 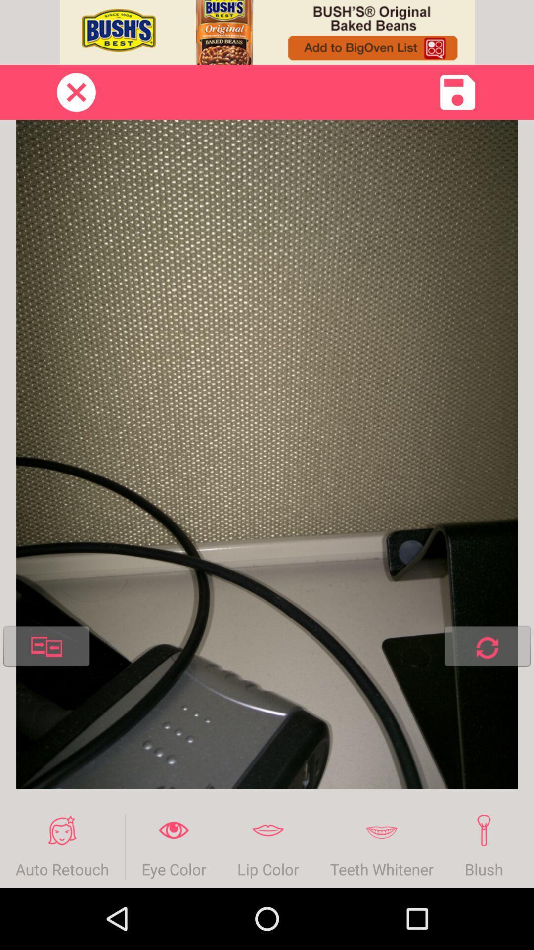 I want to click on item next to foundation icon, so click(x=483, y=847).